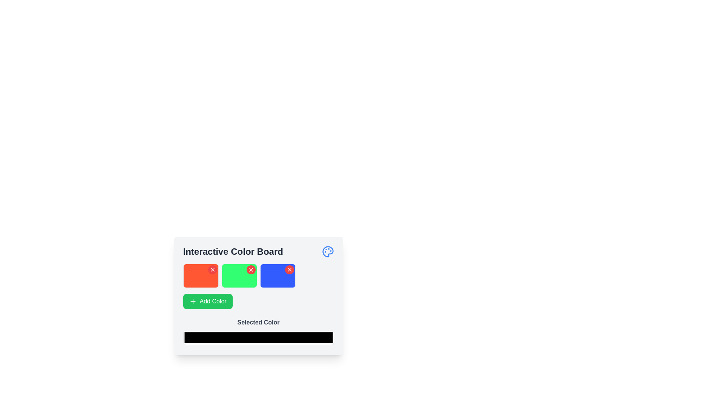 The width and height of the screenshot is (724, 407). Describe the element at coordinates (212, 269) in the screenshot. I see `the delete button located at the top-right corner of the first red rectangular card` at that location.